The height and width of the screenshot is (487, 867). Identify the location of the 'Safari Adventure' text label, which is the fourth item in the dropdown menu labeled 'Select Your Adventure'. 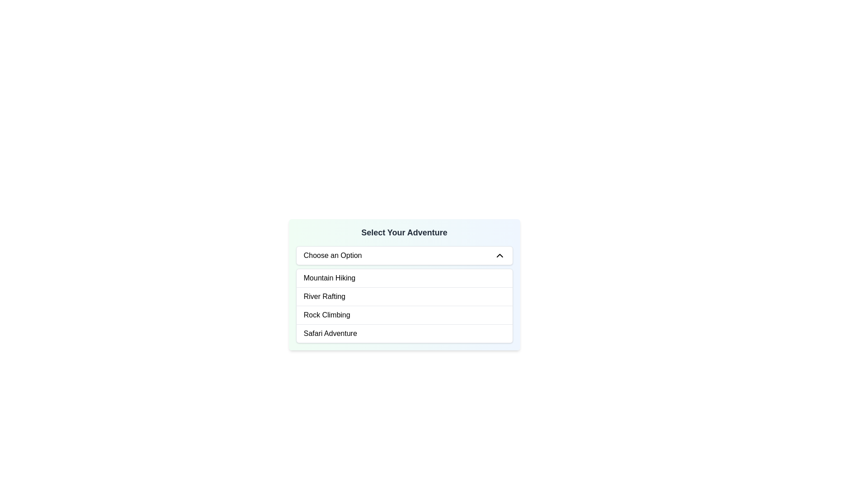
(330, 334).